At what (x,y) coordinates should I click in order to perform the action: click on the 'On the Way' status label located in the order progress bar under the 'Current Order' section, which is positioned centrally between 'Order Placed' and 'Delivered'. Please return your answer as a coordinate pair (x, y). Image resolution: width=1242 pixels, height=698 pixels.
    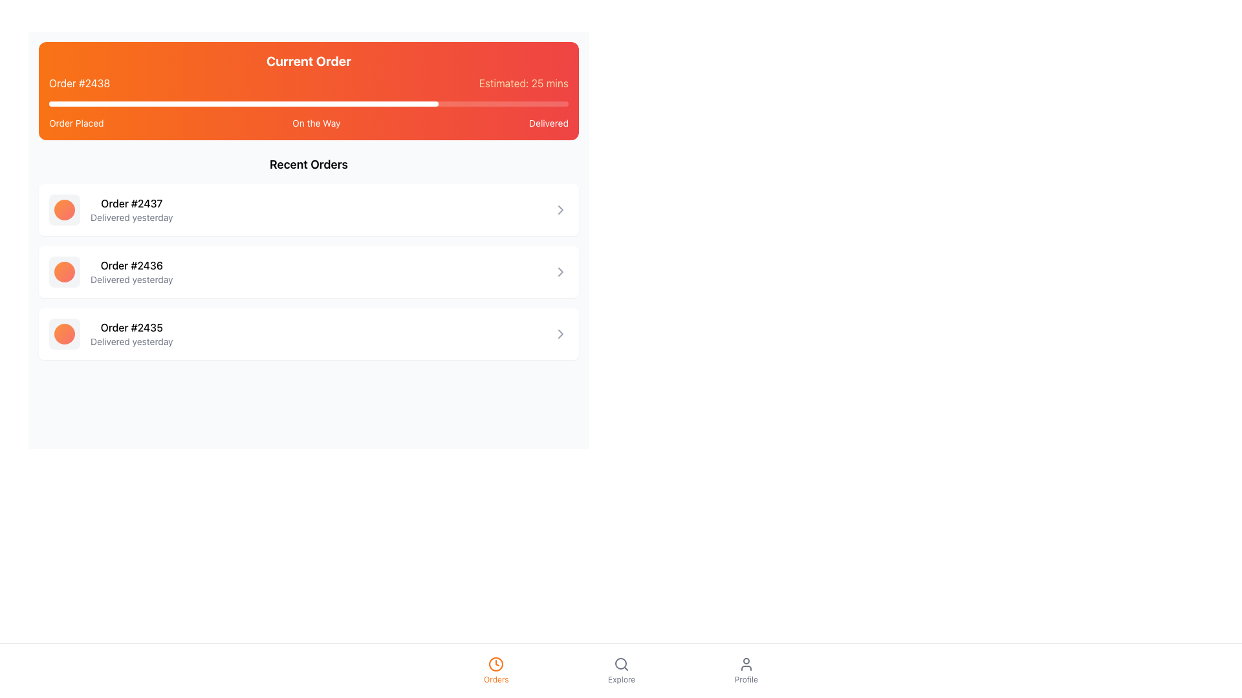
    Looking at the image, I should click on (316, 123).